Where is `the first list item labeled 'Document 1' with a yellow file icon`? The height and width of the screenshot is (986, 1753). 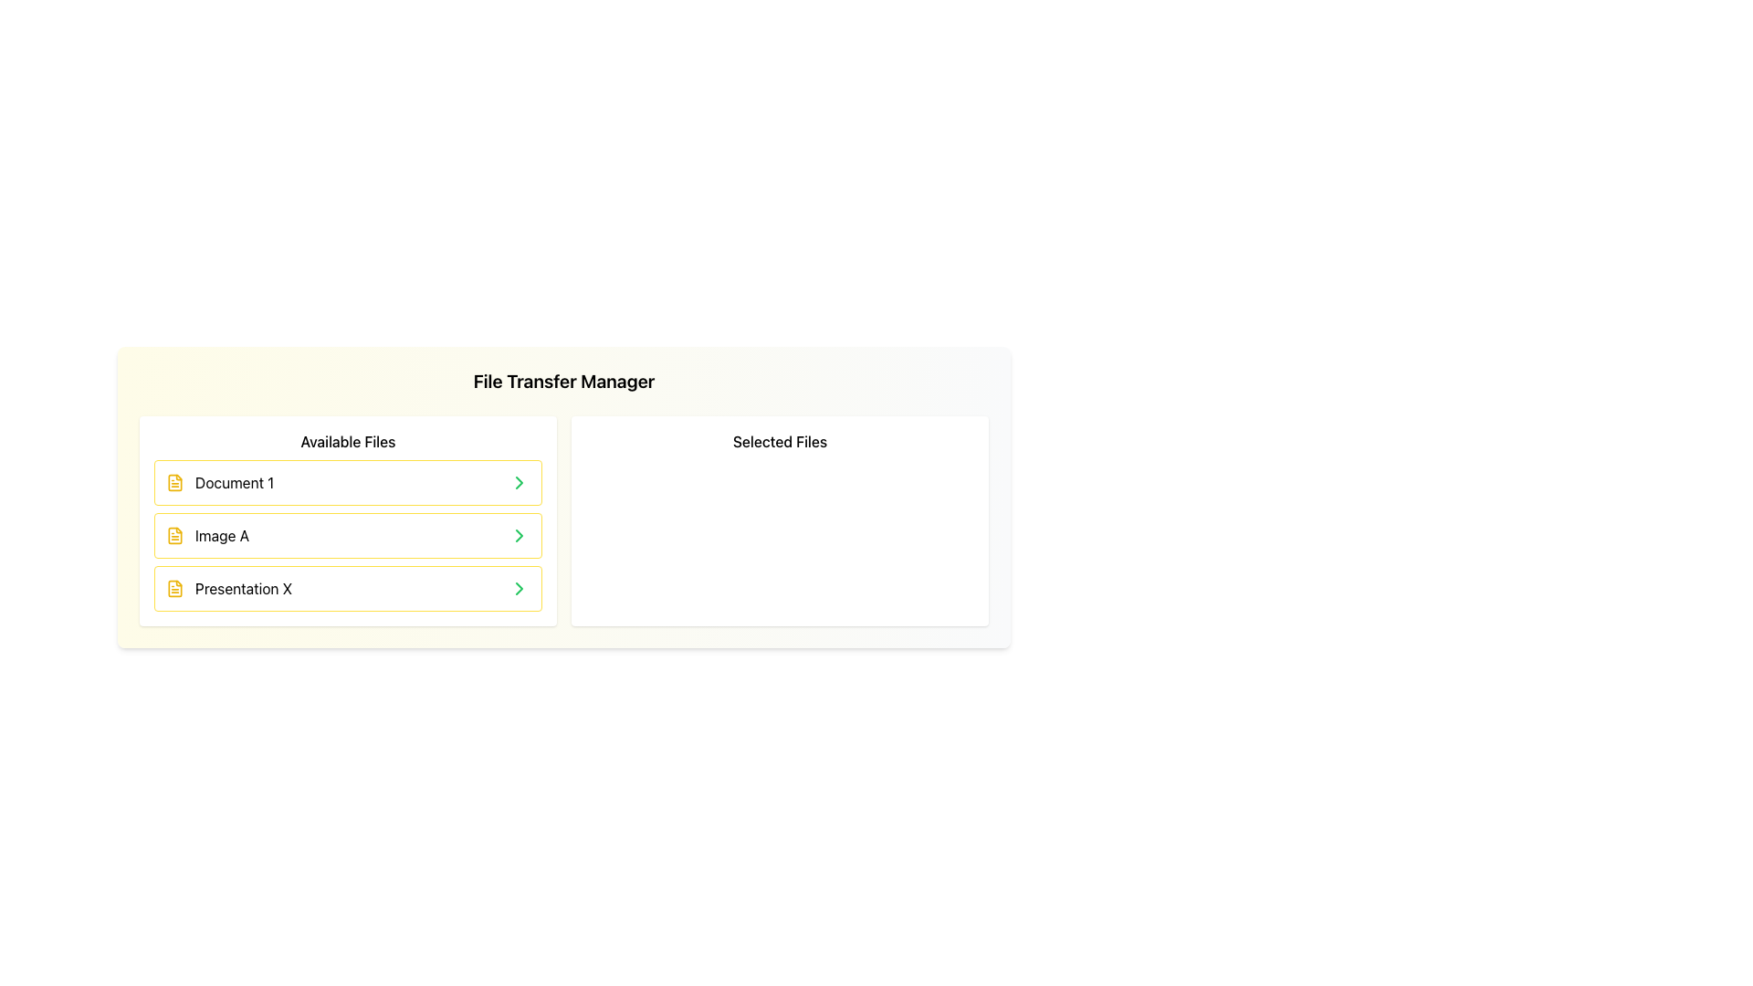
the first list item labeled 'Document 1' with a yellow file icon is located at coordinates (219, 481).